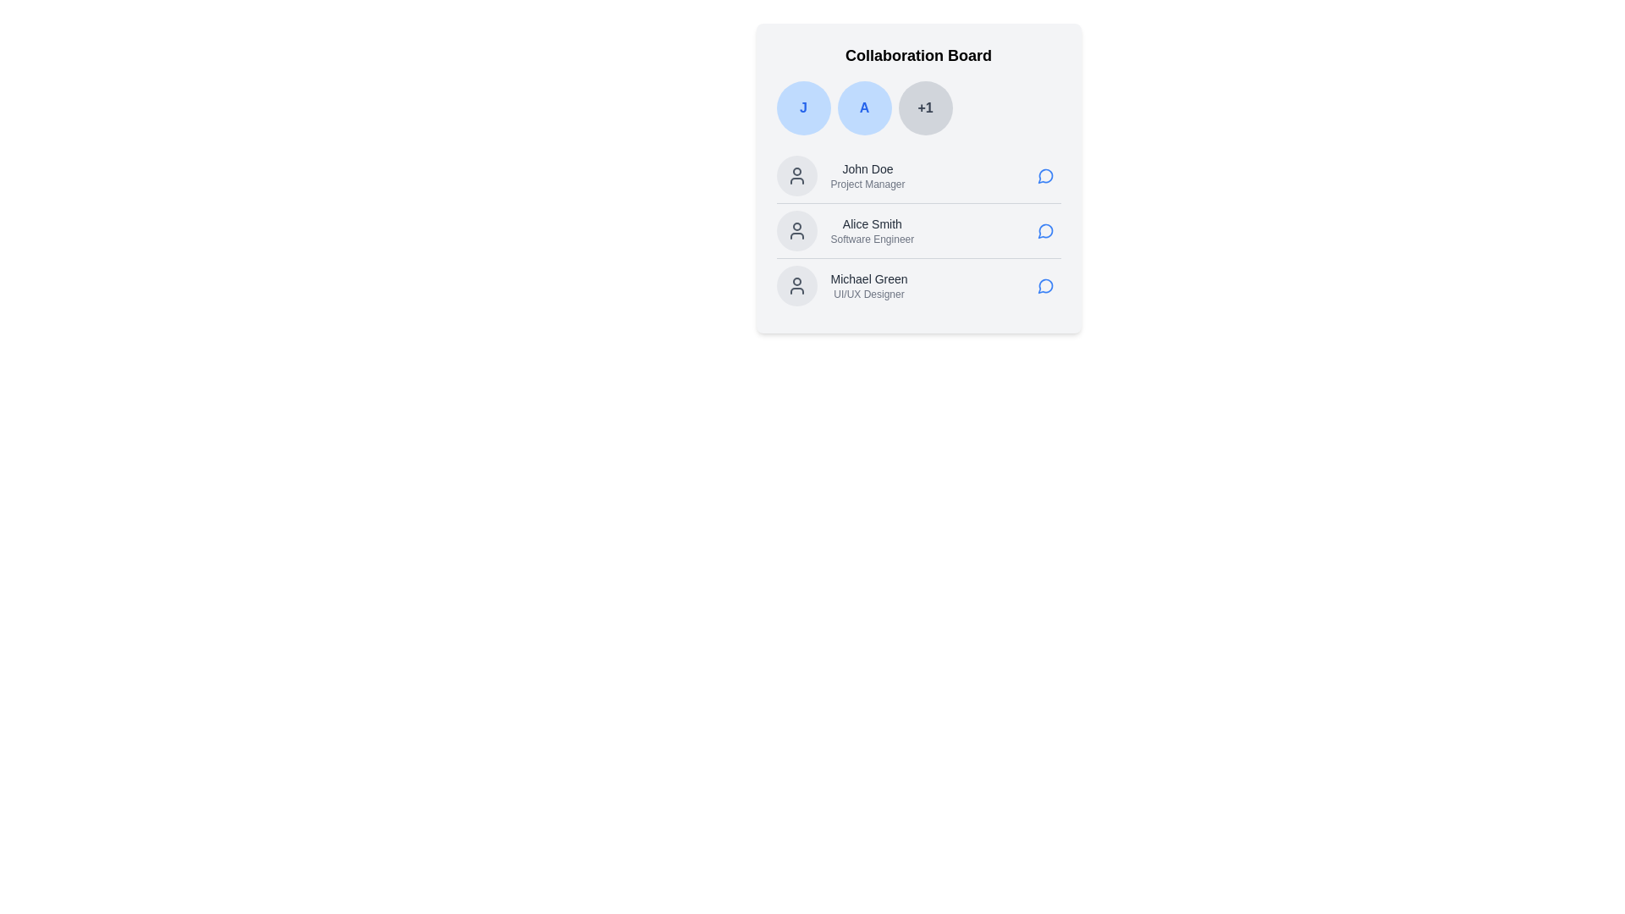 The image size is (1625, 914). I want to click on the static text label indicating the role or position of 'John Doe', which is positioned directly below his name, so click(868, 184).